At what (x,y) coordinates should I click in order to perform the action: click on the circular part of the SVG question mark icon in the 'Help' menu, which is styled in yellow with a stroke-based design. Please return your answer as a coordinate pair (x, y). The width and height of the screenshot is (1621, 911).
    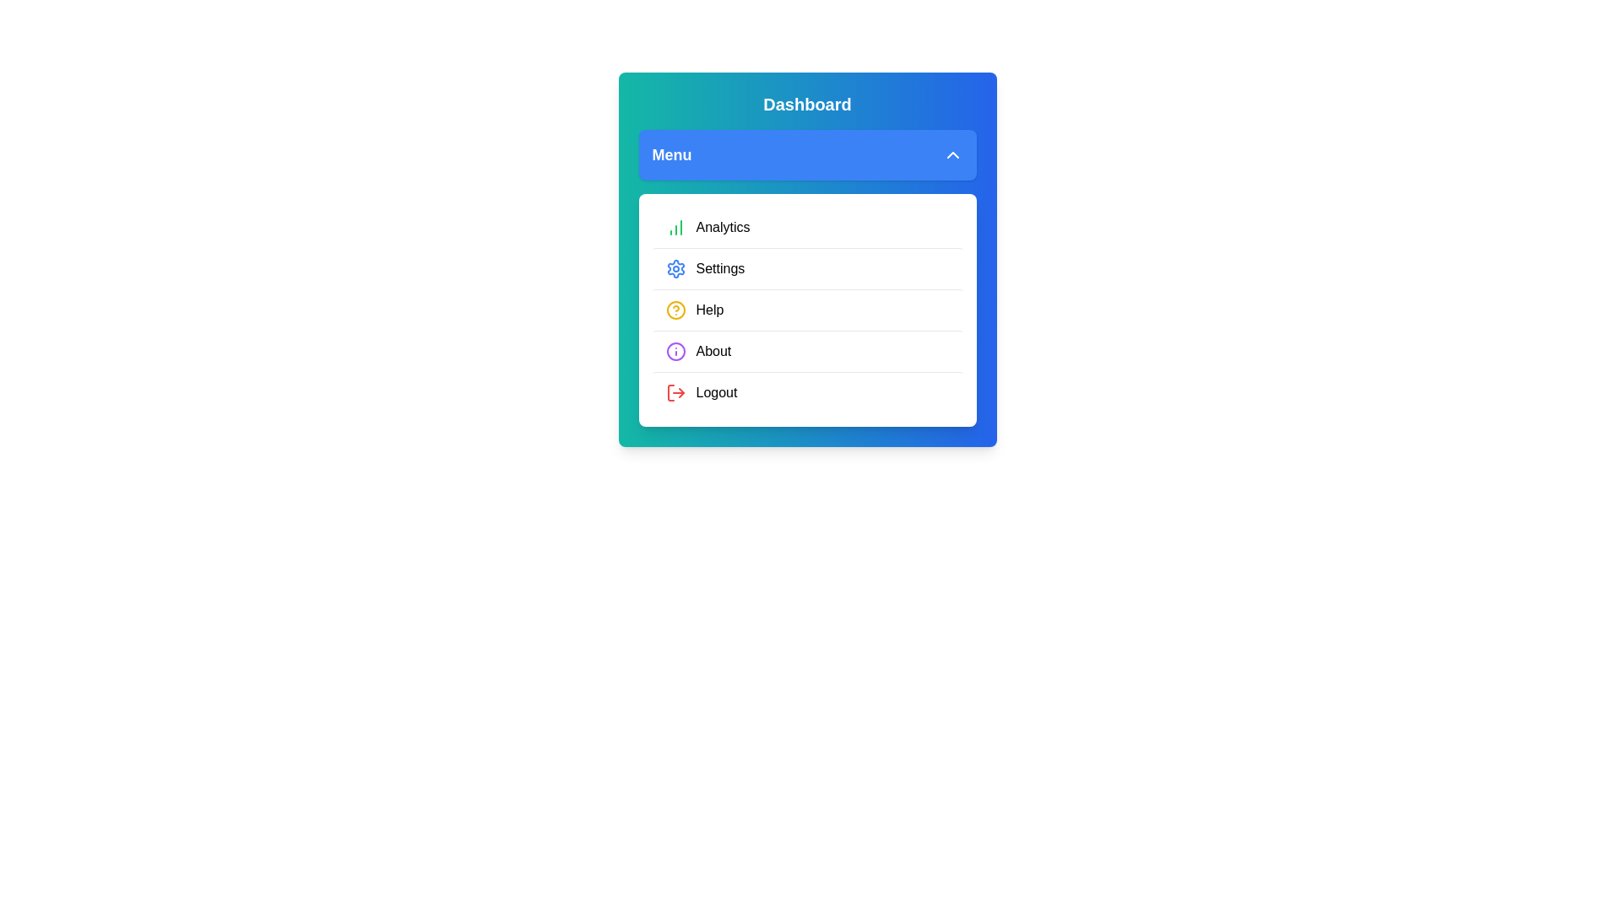
    Looking at the image, I should click on (675, 310).